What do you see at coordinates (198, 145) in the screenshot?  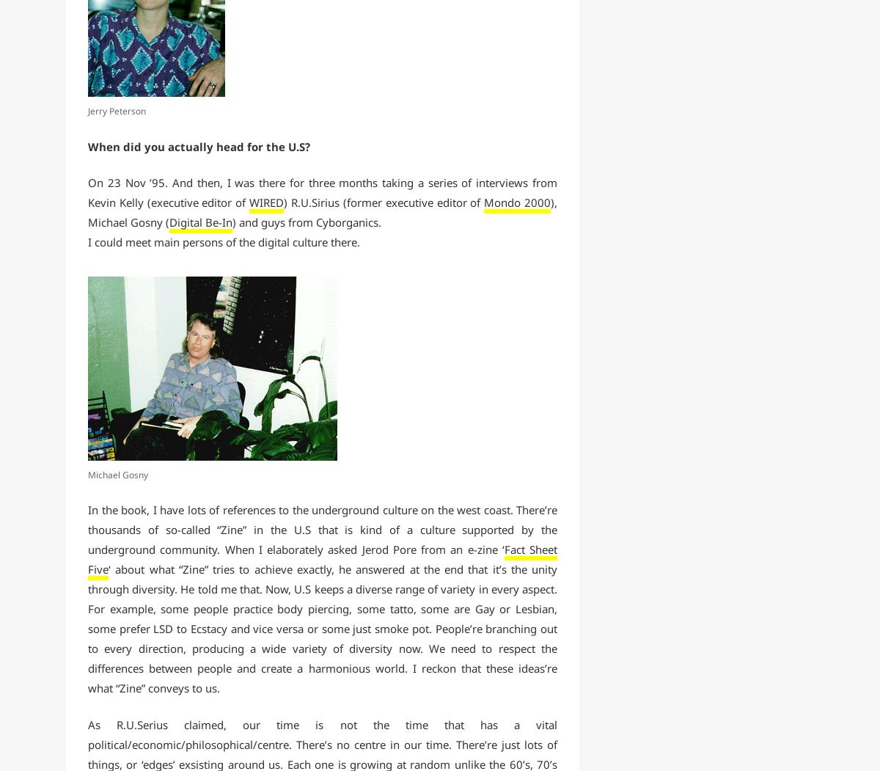 I see `'When did you actually head for the U.S?'` at bounding box center [198, 145].